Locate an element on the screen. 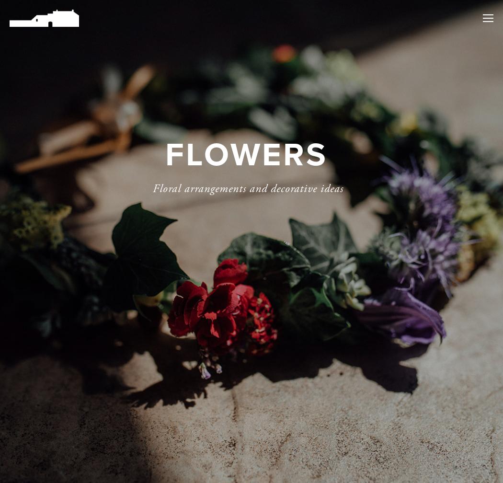 Image resolution: width=503 pixels, height=483 pixels. 'Your wedding' is located at coordinates (430, 50).